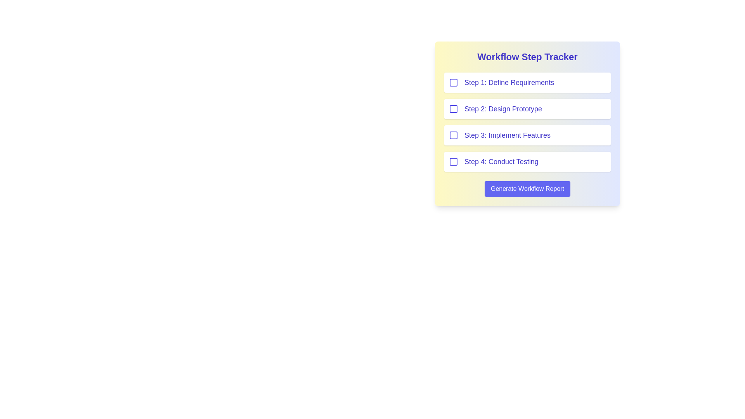  I want to click on the static Text Label that describes the second step 'Design Prototype' in the Workflow Step Tracker, so click(503, 109).